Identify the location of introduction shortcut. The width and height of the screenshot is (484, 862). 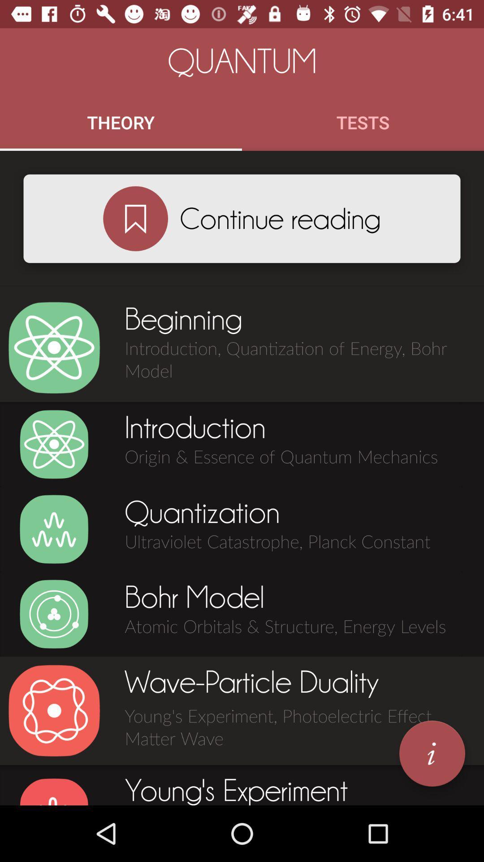
(54, 444).